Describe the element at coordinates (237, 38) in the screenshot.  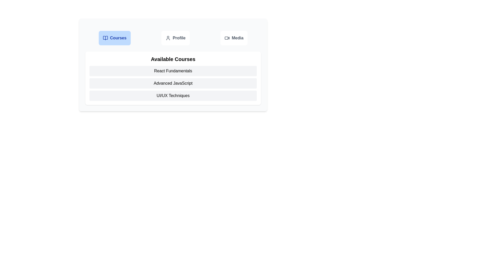
I see `the button labeled for media-related content located in the top-right corner of the interface, next to the 'Profile' button, and featuring a video camera icon on the left` at that location.